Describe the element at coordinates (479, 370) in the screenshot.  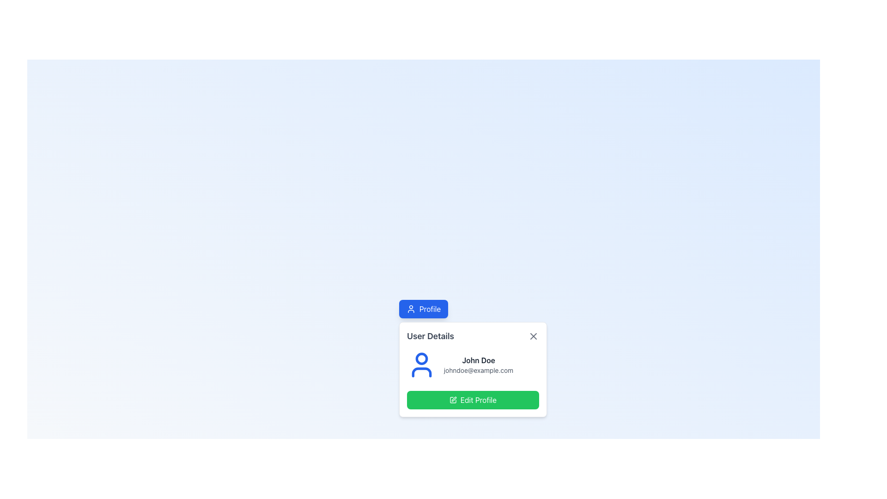
I see `the email address text label displayed below the 'John Doe' text in the user profile card` at that location.